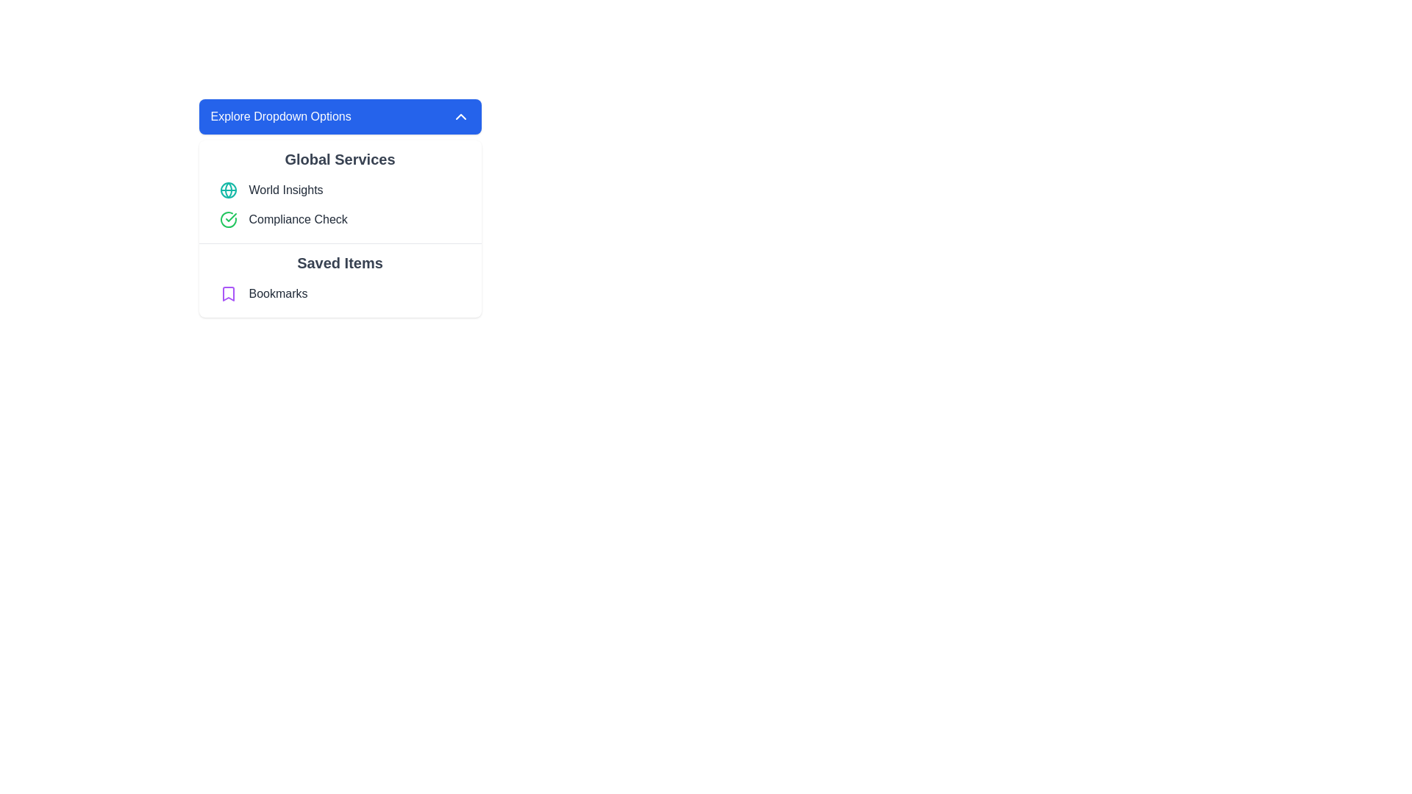 This screenshot has height=794, width=1412. Describe the element at coordinates (285, 189) in the screenshot. I see `the 'World Insights' text label within the 'Global Services' dropdown menu` at that location.